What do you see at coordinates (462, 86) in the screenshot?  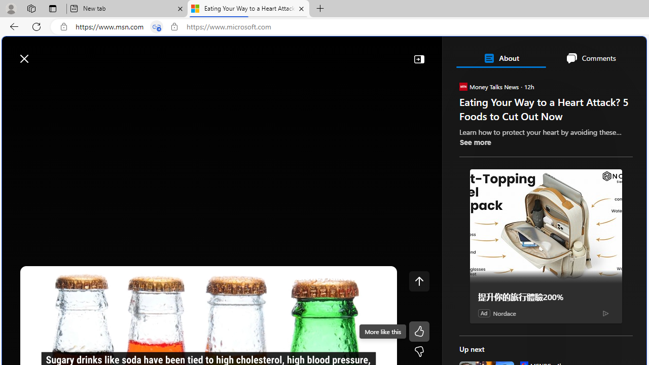 I see `'Money Talks News'` at bounding box center [462, 86].